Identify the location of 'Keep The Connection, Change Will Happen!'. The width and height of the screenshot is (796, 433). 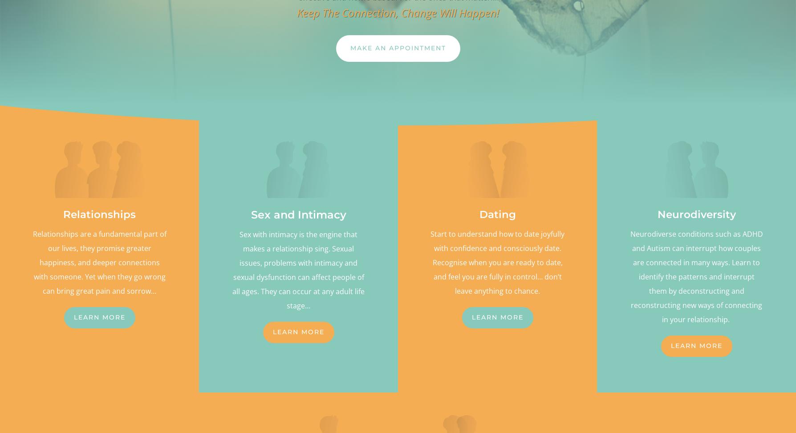
(296, 12).